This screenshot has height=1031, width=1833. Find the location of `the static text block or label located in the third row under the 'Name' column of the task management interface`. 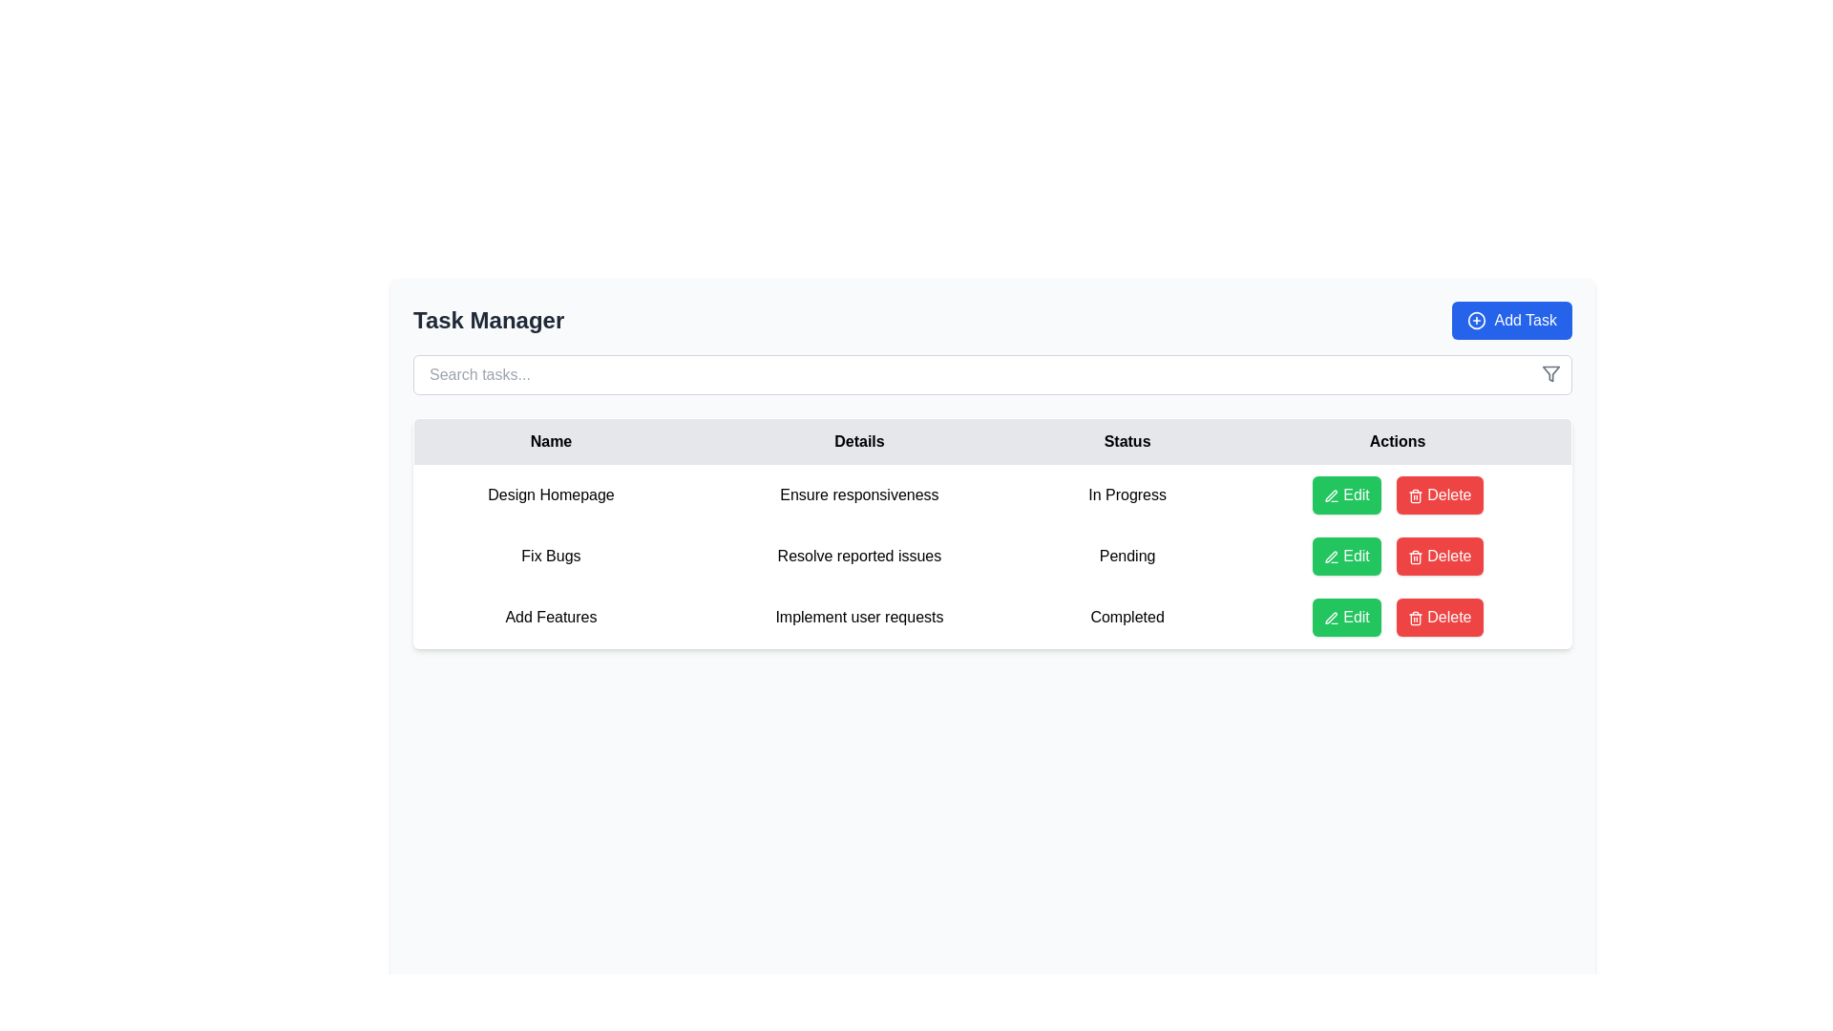

the static text block or label located in the third row under the 'Name' column of the task management interface is located at coordinates (550, 618).